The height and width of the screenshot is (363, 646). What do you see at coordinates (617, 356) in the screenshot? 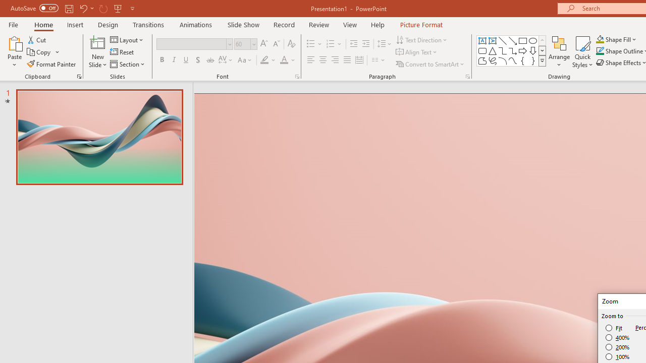
I see `'100%'` at bounding box center [617, 356].